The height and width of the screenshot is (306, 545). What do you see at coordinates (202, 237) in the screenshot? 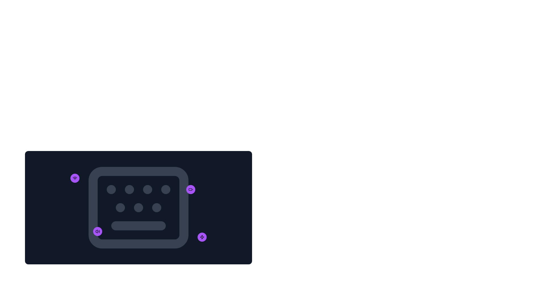
I see `the circular purple button with a black lightning bolt icon in the bottom-right corner` at bounding box center [202, 237].